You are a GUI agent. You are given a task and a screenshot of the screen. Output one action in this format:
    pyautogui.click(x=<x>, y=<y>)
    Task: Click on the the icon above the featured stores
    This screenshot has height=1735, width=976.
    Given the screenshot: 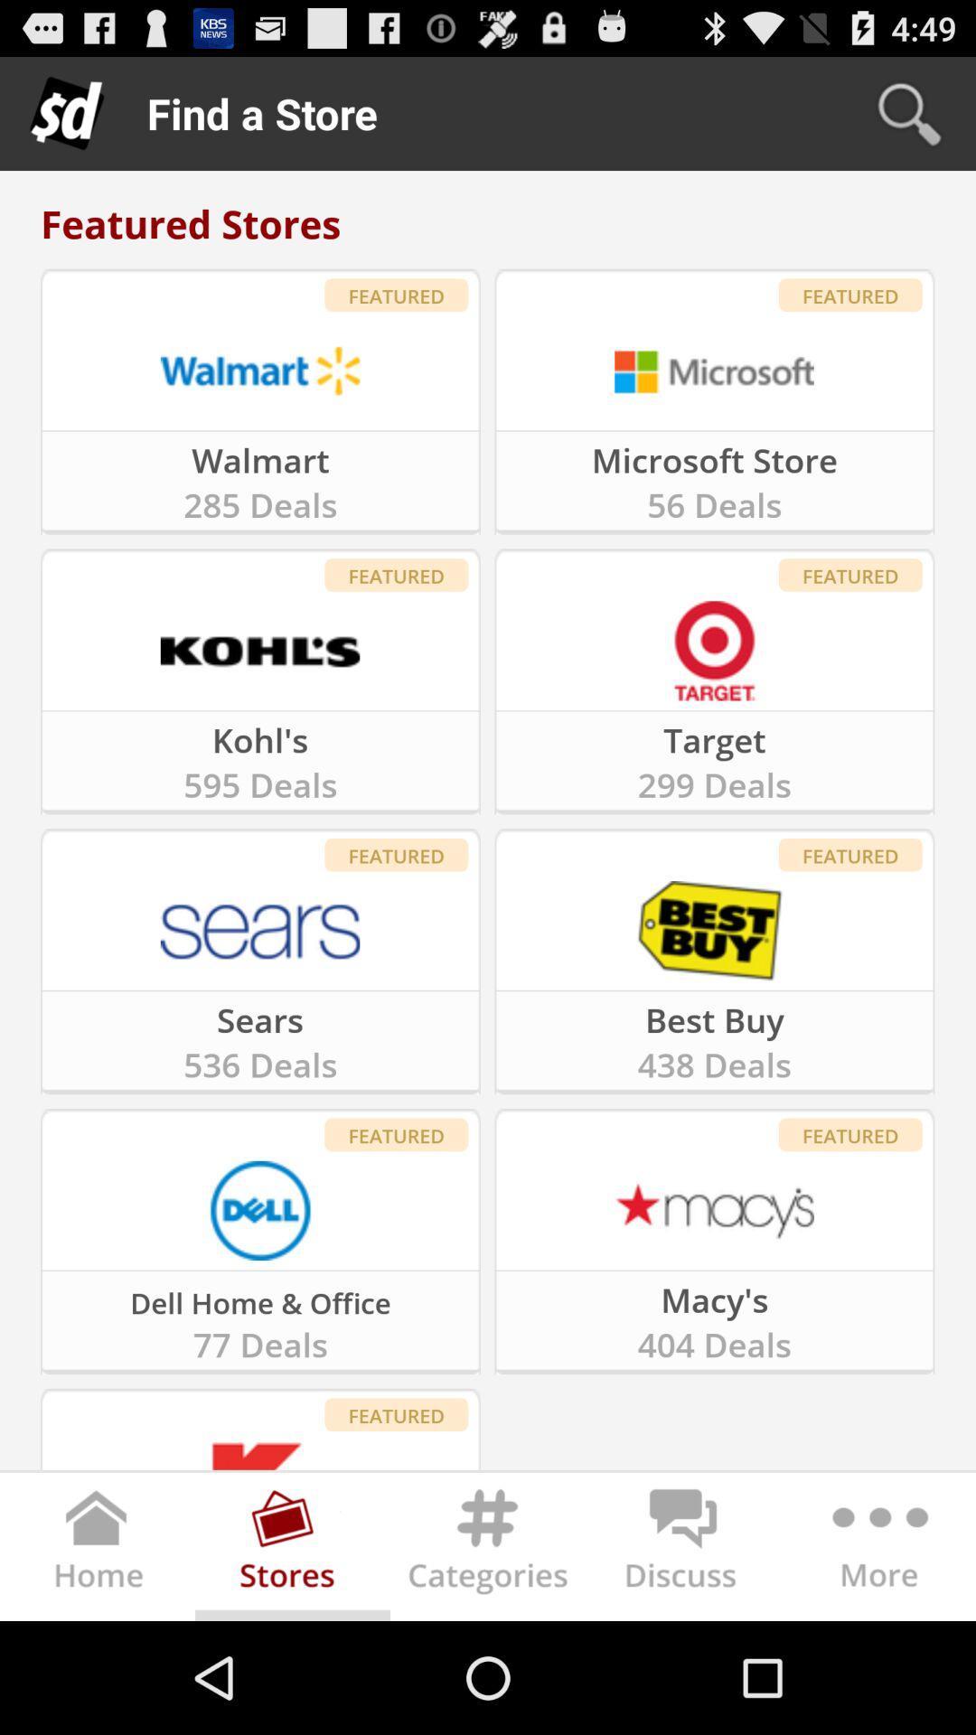 What is the action you would take?
    pyautogui.click(x=909, y=112)
    